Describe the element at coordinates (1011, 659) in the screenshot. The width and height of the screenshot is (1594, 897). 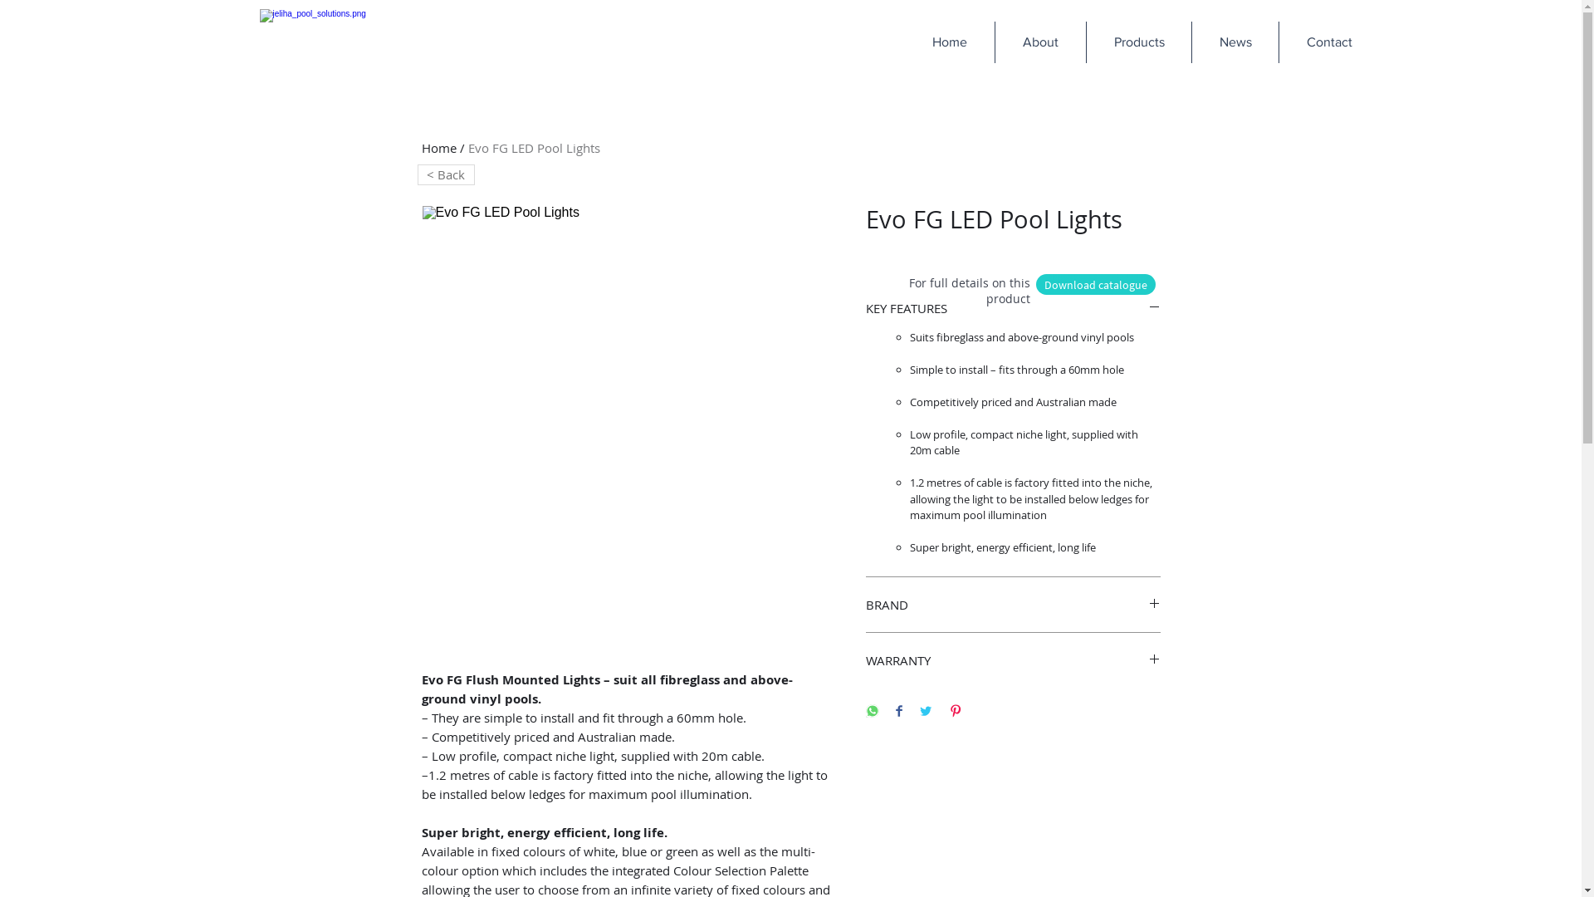
I see `'WARRANTY'` at that location.